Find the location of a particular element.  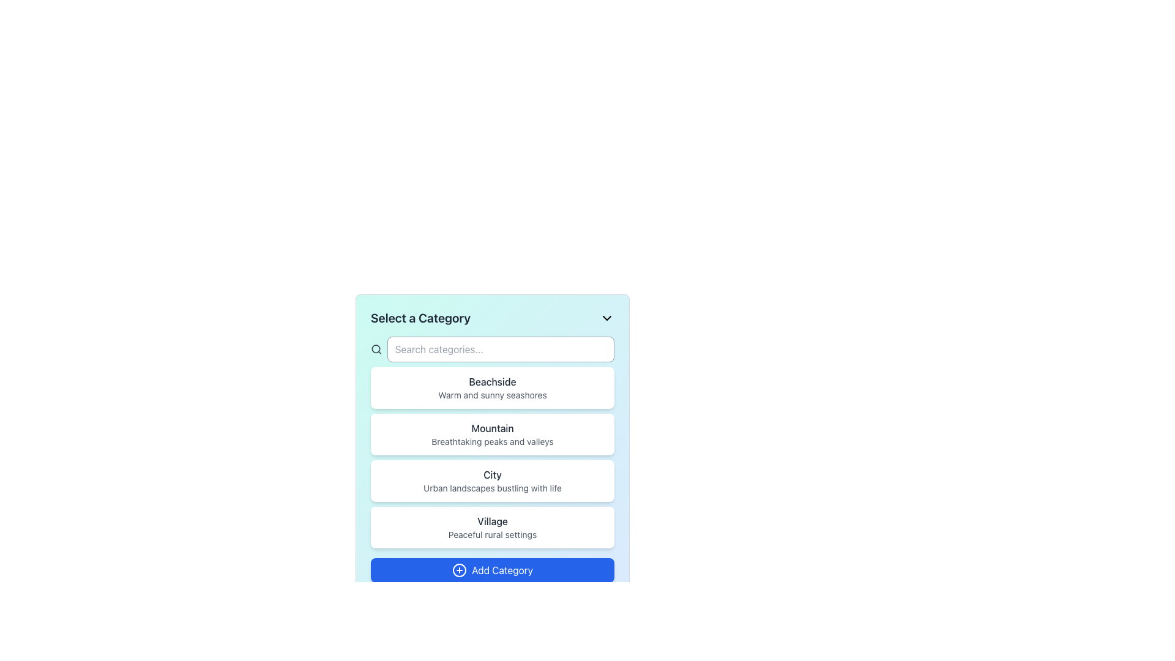

the text label providing additional context for the 'Mountain' category, positioned below the 'Mountain' title in the vertical category menu is located at coordinates (493, 441).